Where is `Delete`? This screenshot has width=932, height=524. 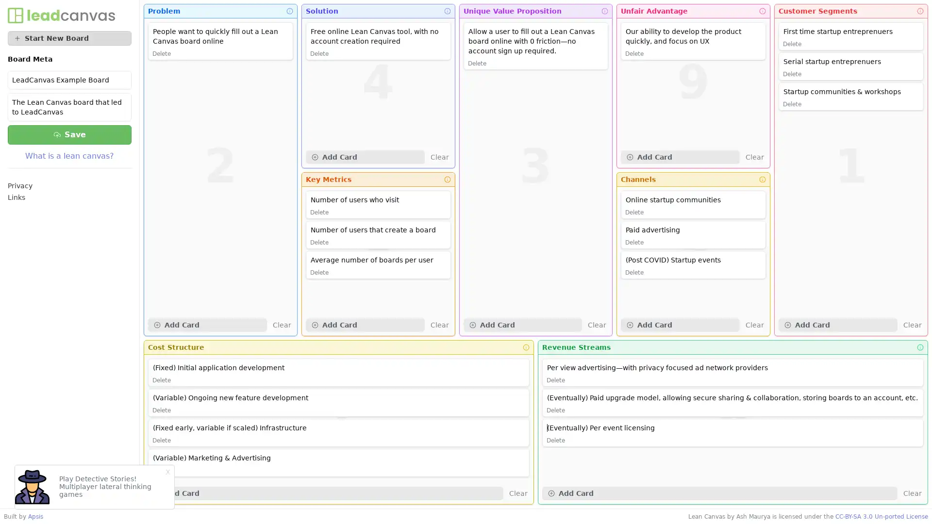
Delete is located at coordinates (161, 379).